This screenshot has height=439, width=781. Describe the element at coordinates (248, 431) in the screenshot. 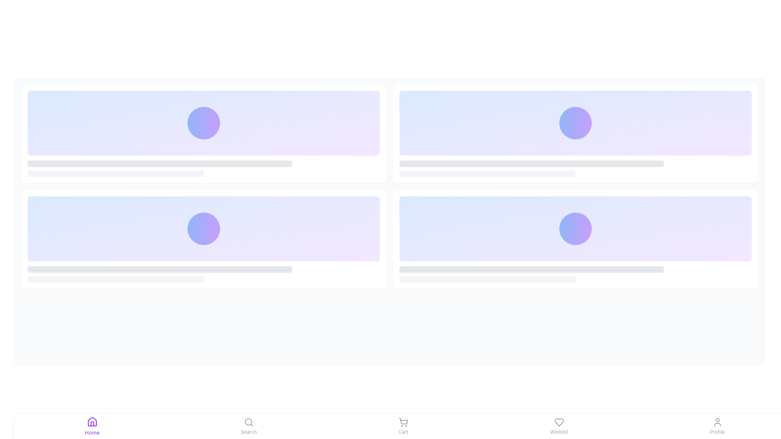

I see `the 'Search' label in the bottom navigation bar, which is positioned directly below the magnifying glass icon` at that location.